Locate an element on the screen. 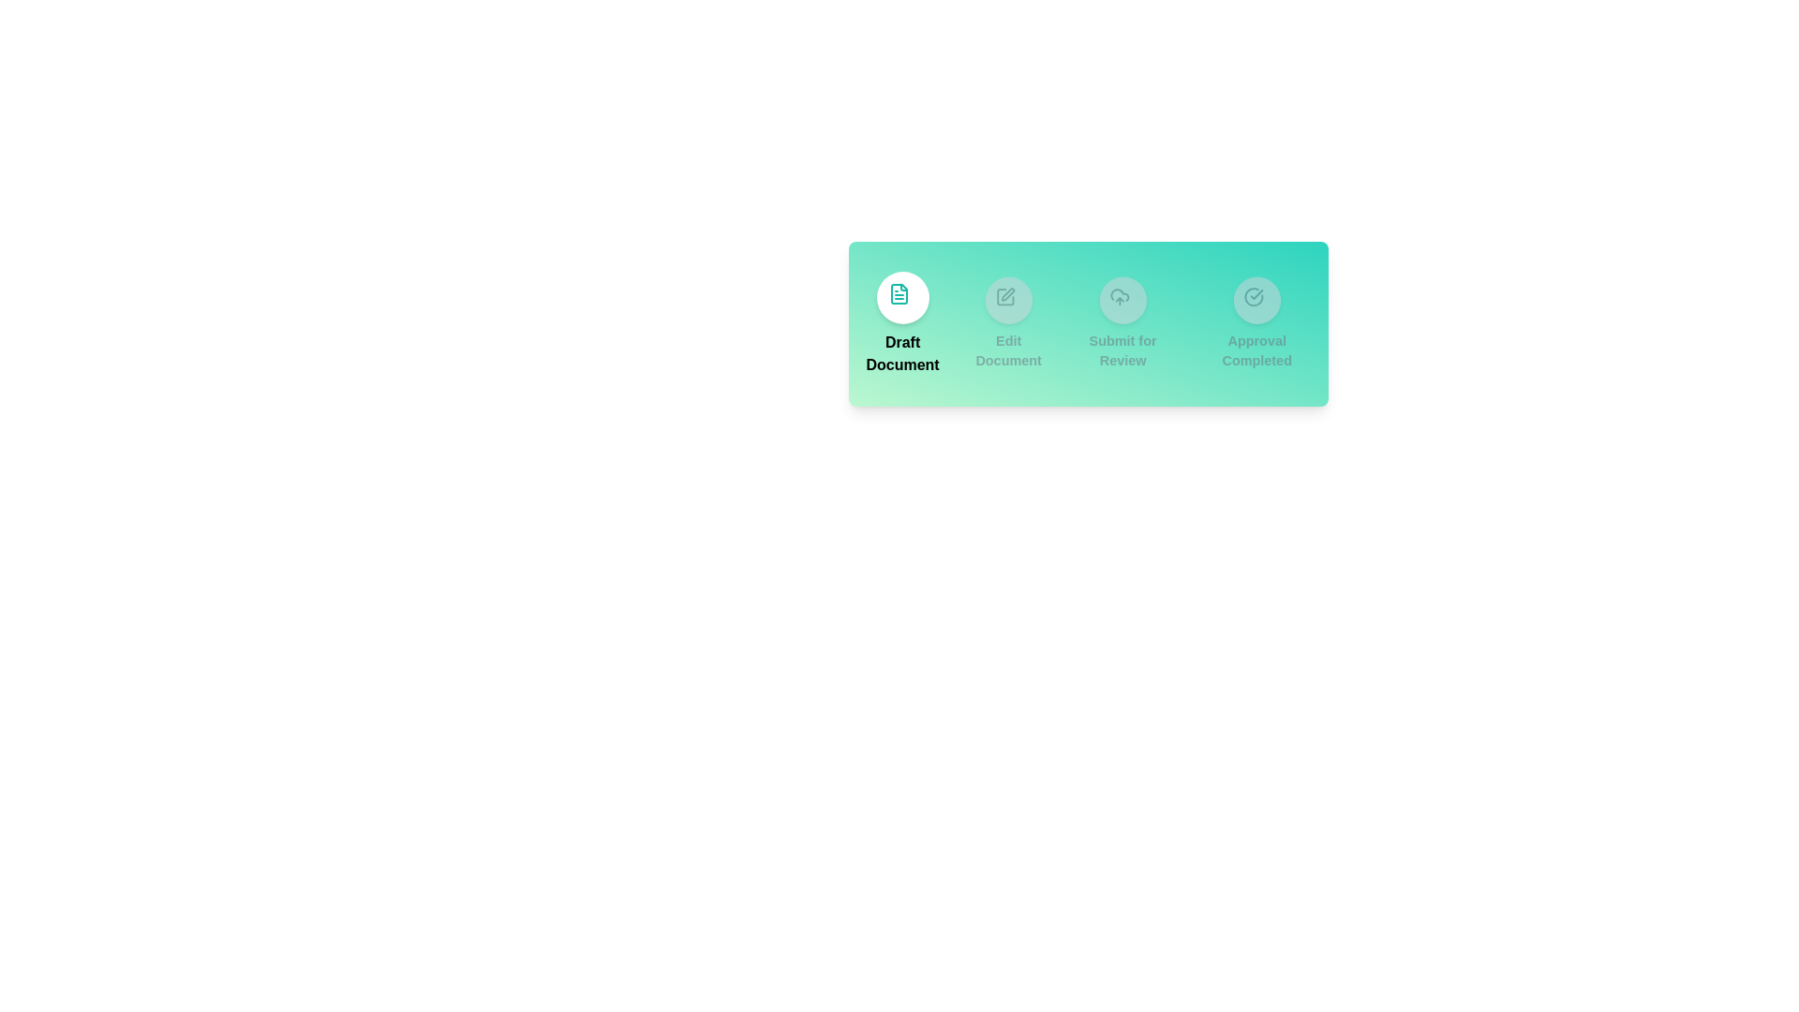  the step corresponding to Submit for Review is located at coordinates (1123, 323).